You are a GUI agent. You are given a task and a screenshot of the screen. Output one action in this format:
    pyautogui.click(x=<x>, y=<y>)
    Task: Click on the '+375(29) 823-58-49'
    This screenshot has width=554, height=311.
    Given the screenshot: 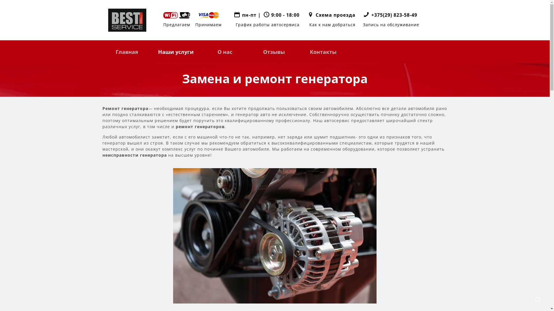 What is the action you would take?
    pyautogui.click(x=394, y=14)
    